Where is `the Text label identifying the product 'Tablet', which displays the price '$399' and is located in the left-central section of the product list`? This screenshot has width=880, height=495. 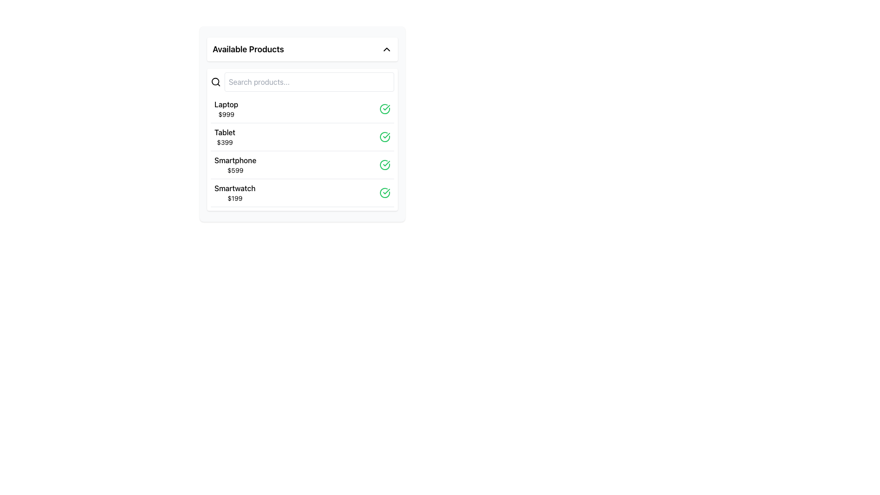 the Text label identifying the product 'Tablet', which displays the price '$399' and is located in the left-central section of the product list is located at coordinates (225, 132).